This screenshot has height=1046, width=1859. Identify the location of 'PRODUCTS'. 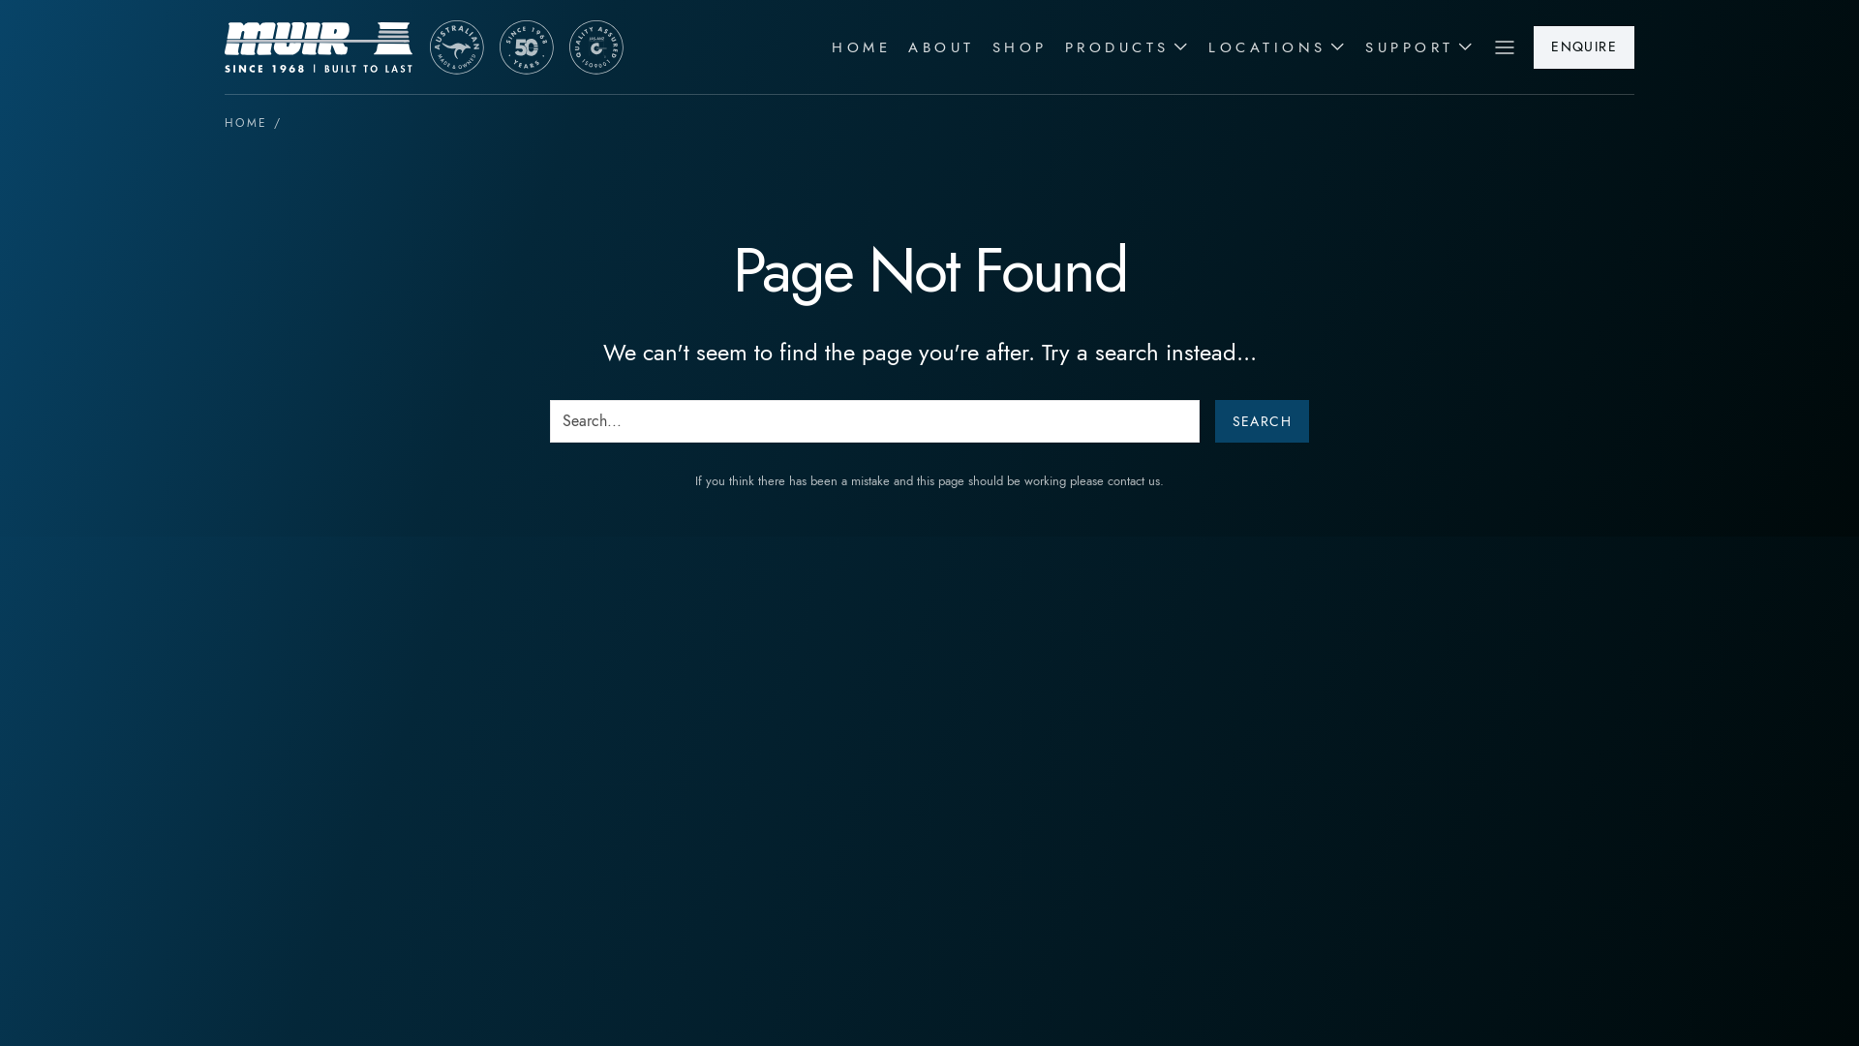
(1116, 46).